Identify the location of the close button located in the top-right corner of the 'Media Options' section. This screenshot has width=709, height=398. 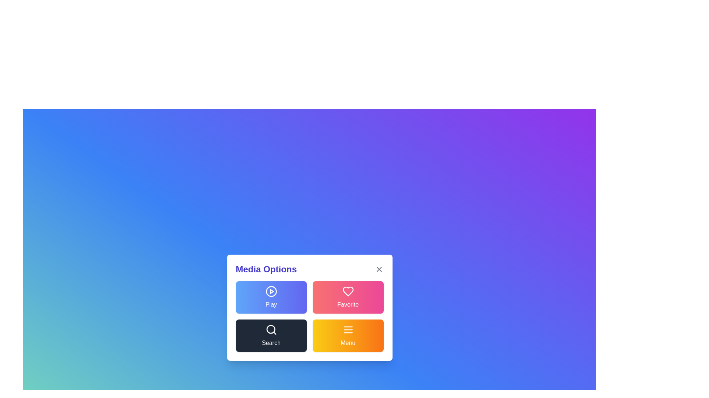
(379, 269).